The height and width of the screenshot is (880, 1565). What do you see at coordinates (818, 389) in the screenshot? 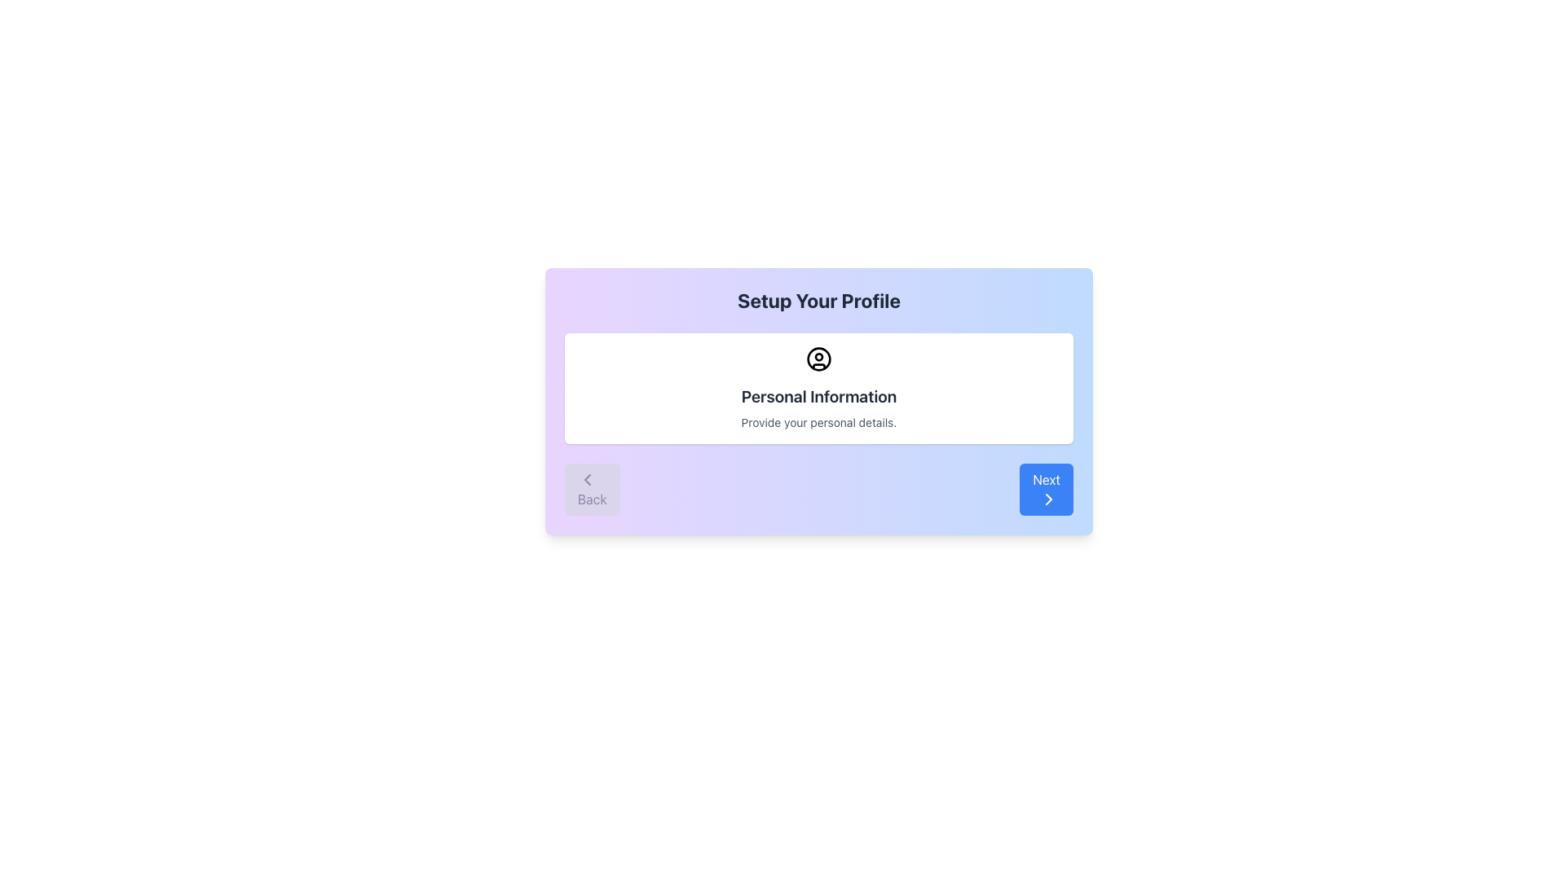
I see `the Section Header with Description that contains the text 'Personal Information' and the description 'Provide your personal details.'` at bounding box center [818, 389].